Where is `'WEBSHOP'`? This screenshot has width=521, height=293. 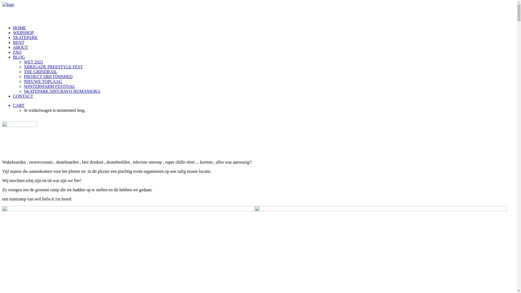 'WEBSHOP' is located at coordinates (23, 33).